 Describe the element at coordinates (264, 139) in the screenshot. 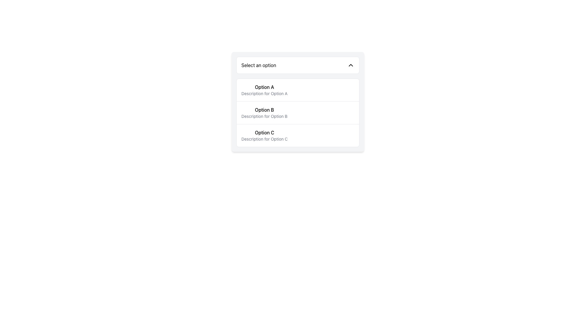

I see `the text label that contains 'Description for Option C', which is a smaller gray text providing additional information beneath 'Option C'` at that location.